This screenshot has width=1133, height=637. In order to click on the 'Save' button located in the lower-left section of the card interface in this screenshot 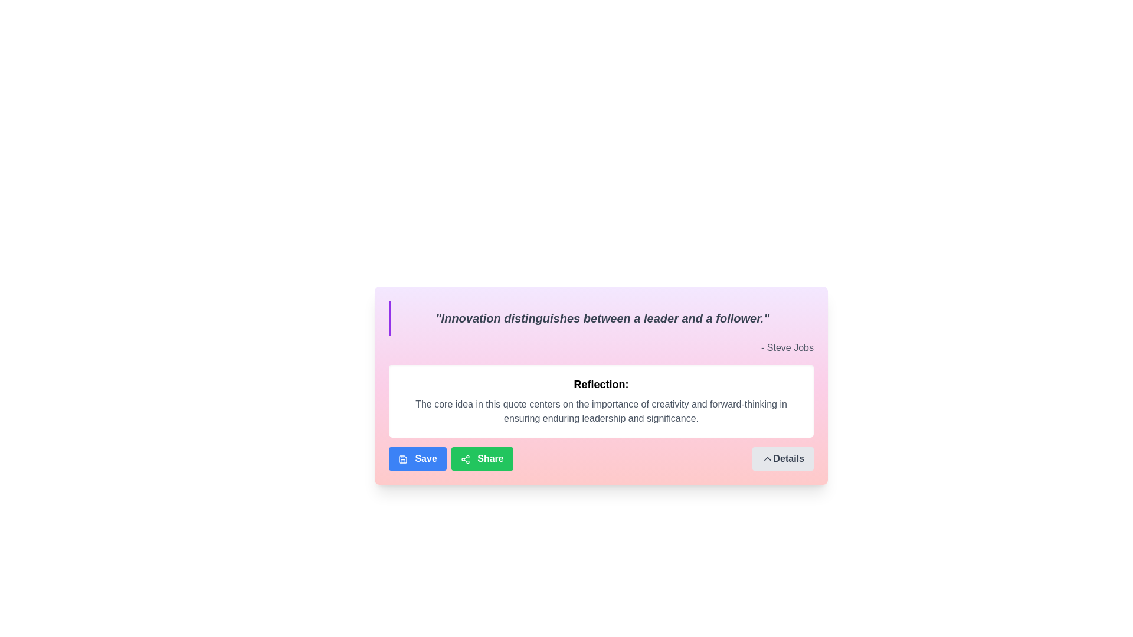, I will do `click(417, 458)`.